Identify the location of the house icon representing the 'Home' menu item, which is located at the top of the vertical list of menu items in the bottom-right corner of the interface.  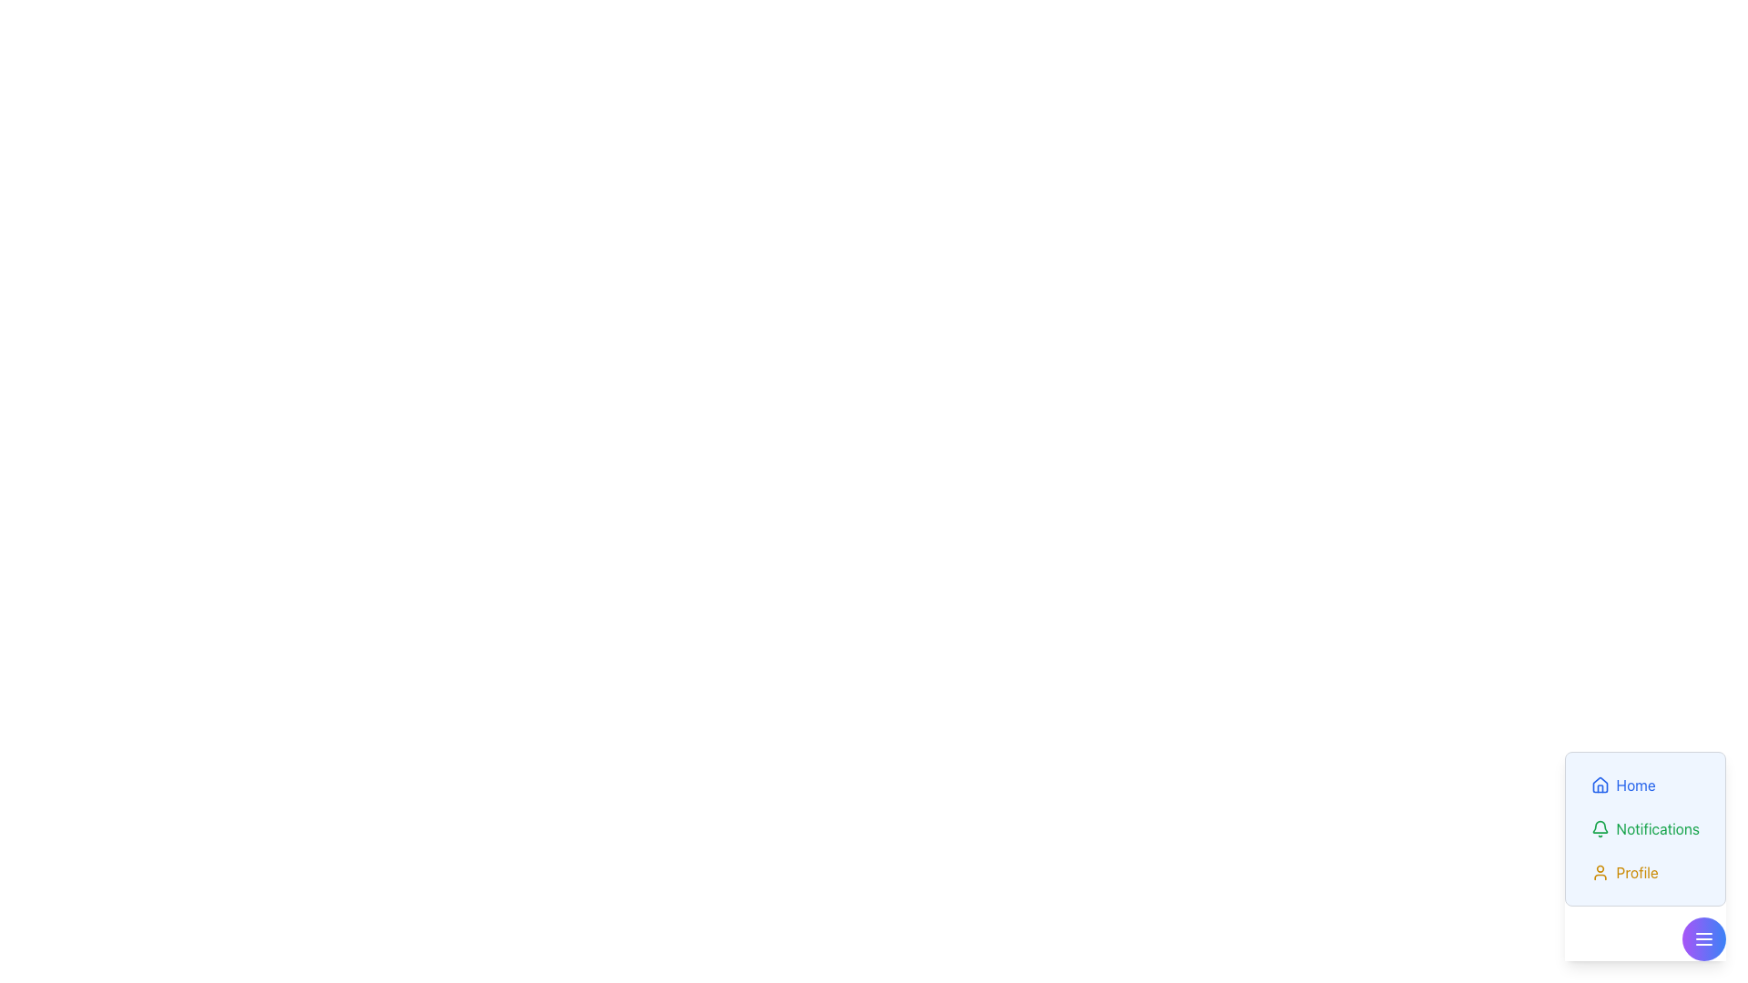
(1599, 784).